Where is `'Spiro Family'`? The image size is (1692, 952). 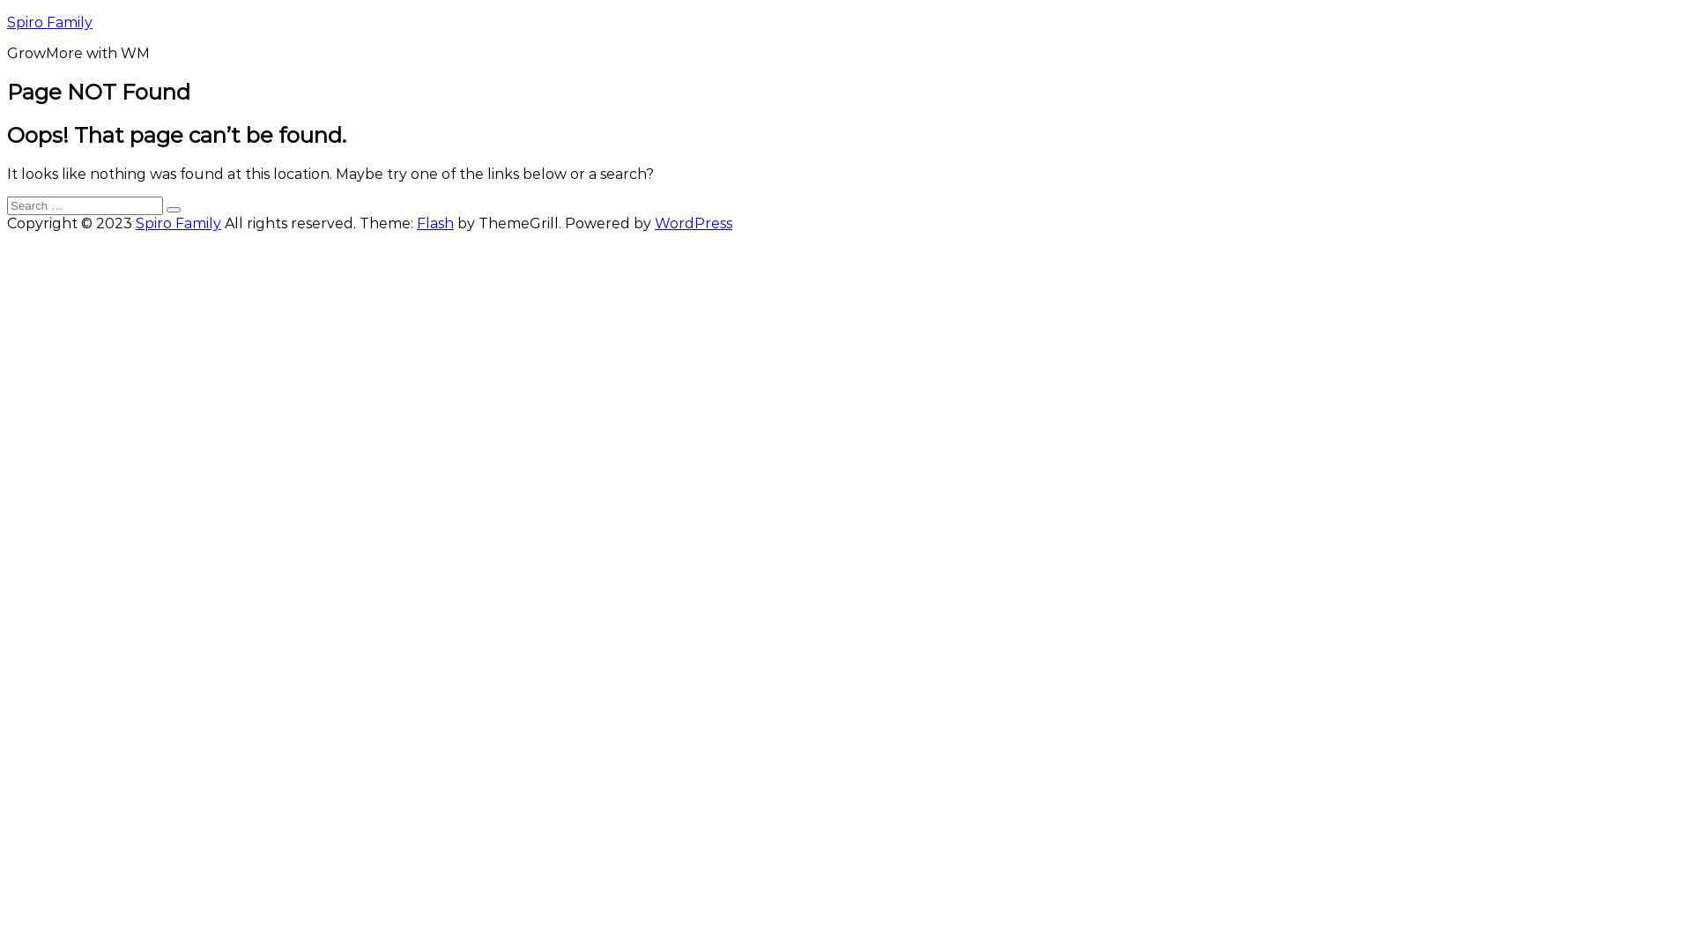
'Spiro Family' is located at coordinates (178, 222).